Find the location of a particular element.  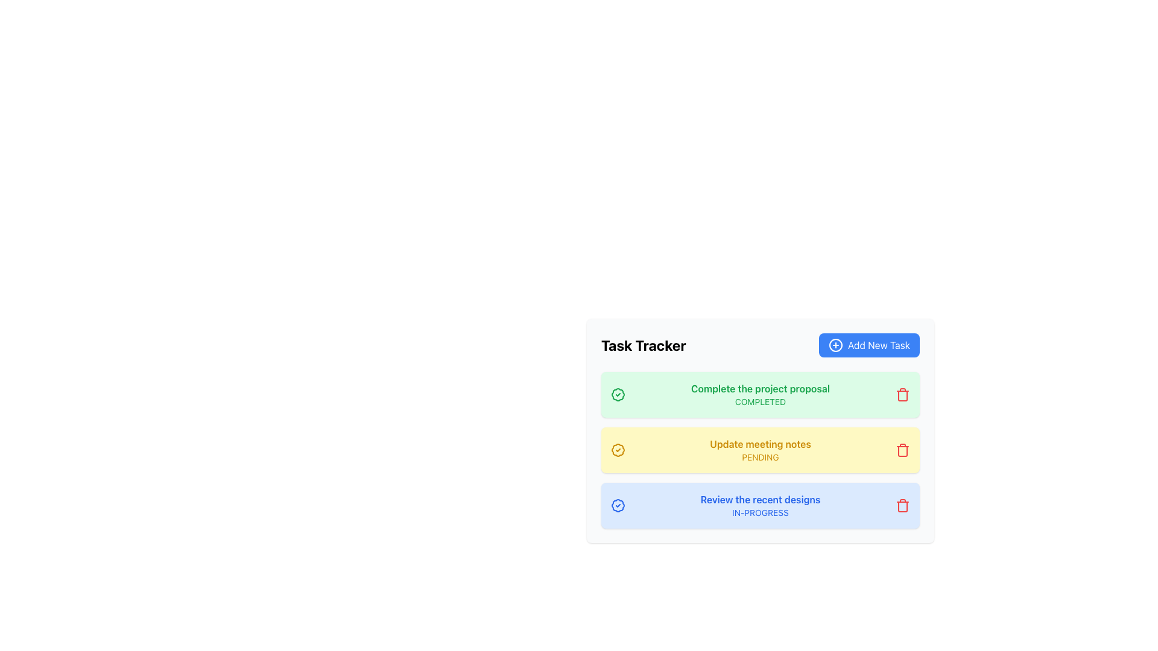

the pending status icon located in the yellow-highlighted row titled 'Update meeting notes', which is positioned to the left of the text 'Update meeting notes PENDING' is located at coordinates (618, 450).